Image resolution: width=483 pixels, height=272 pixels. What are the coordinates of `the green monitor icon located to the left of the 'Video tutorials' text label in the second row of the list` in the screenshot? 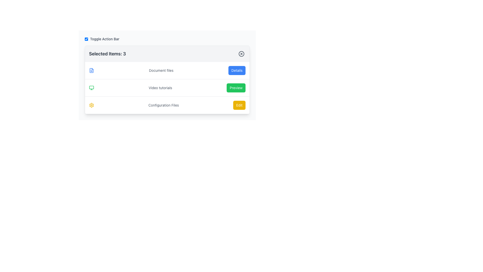 It's located at (92, 87).